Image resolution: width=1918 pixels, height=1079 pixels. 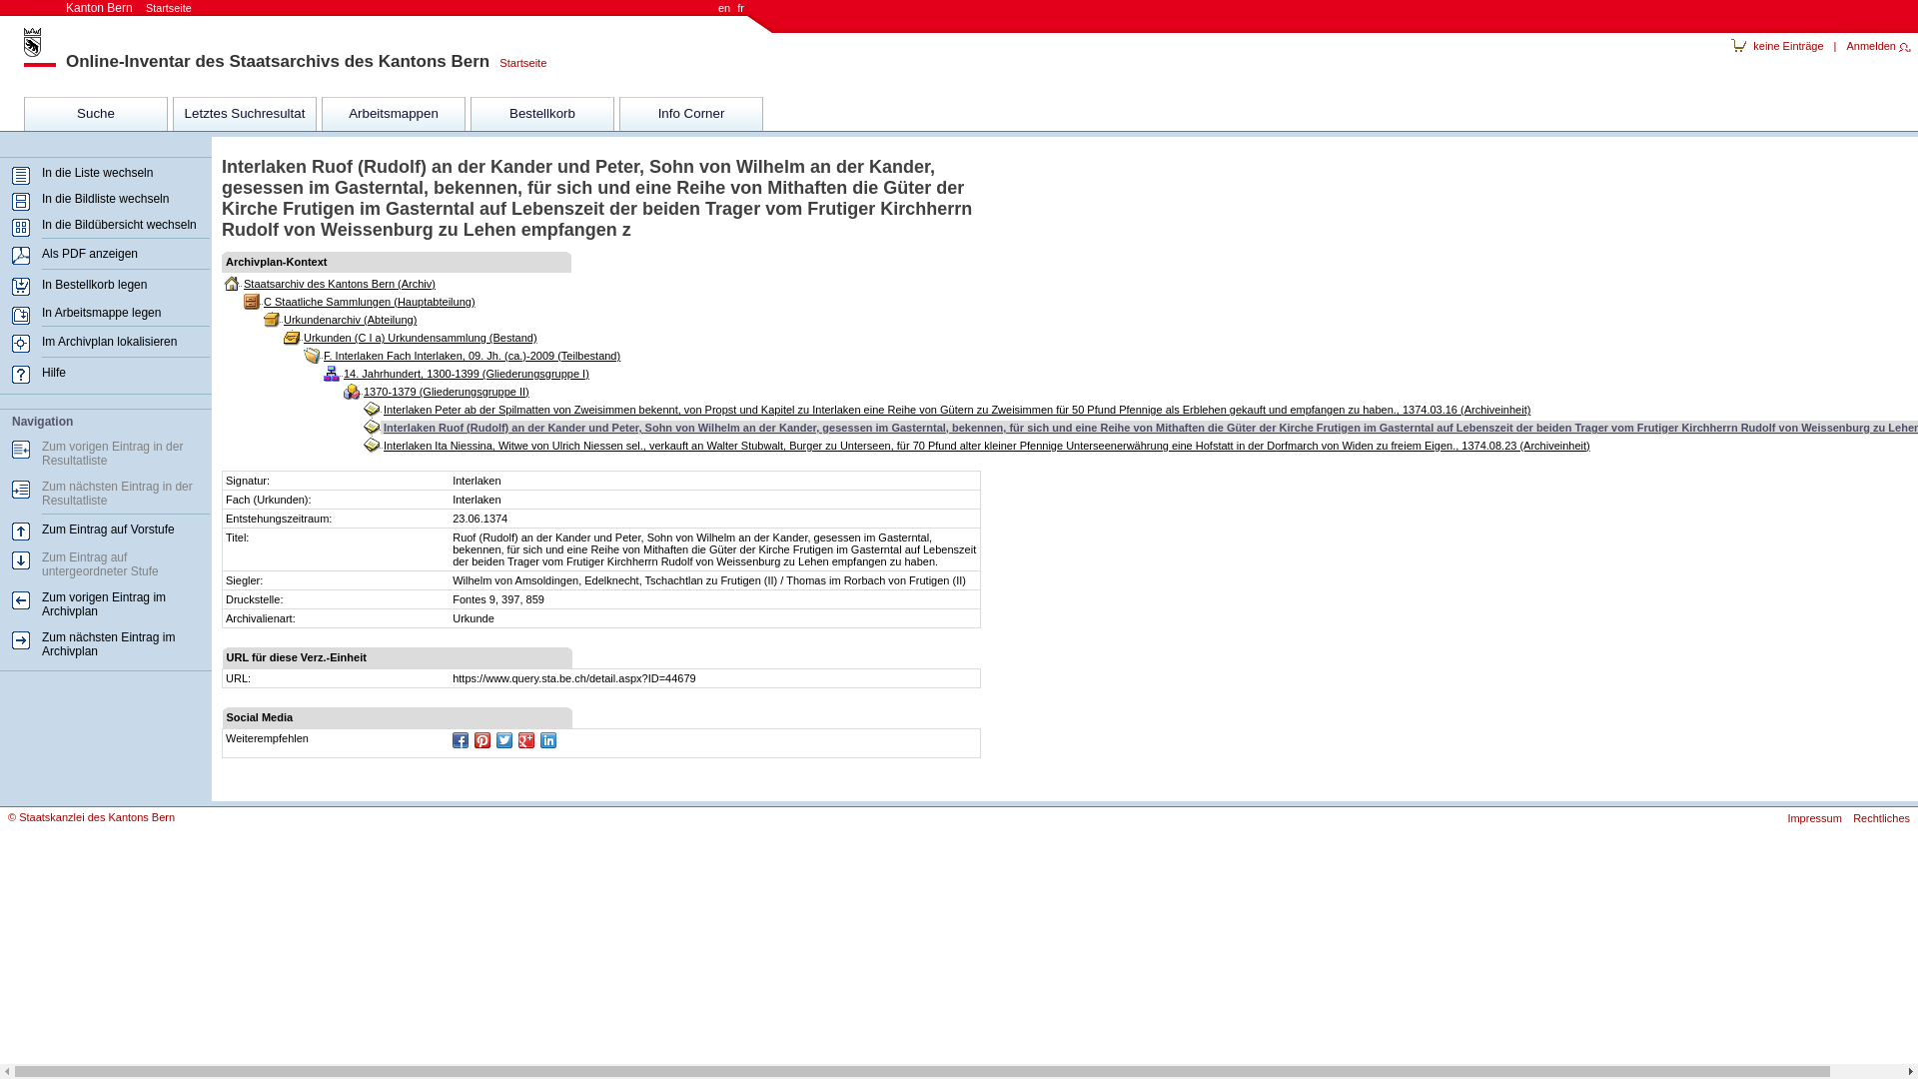 I want to click on 'Impressum', so click(x=1809, y=817).